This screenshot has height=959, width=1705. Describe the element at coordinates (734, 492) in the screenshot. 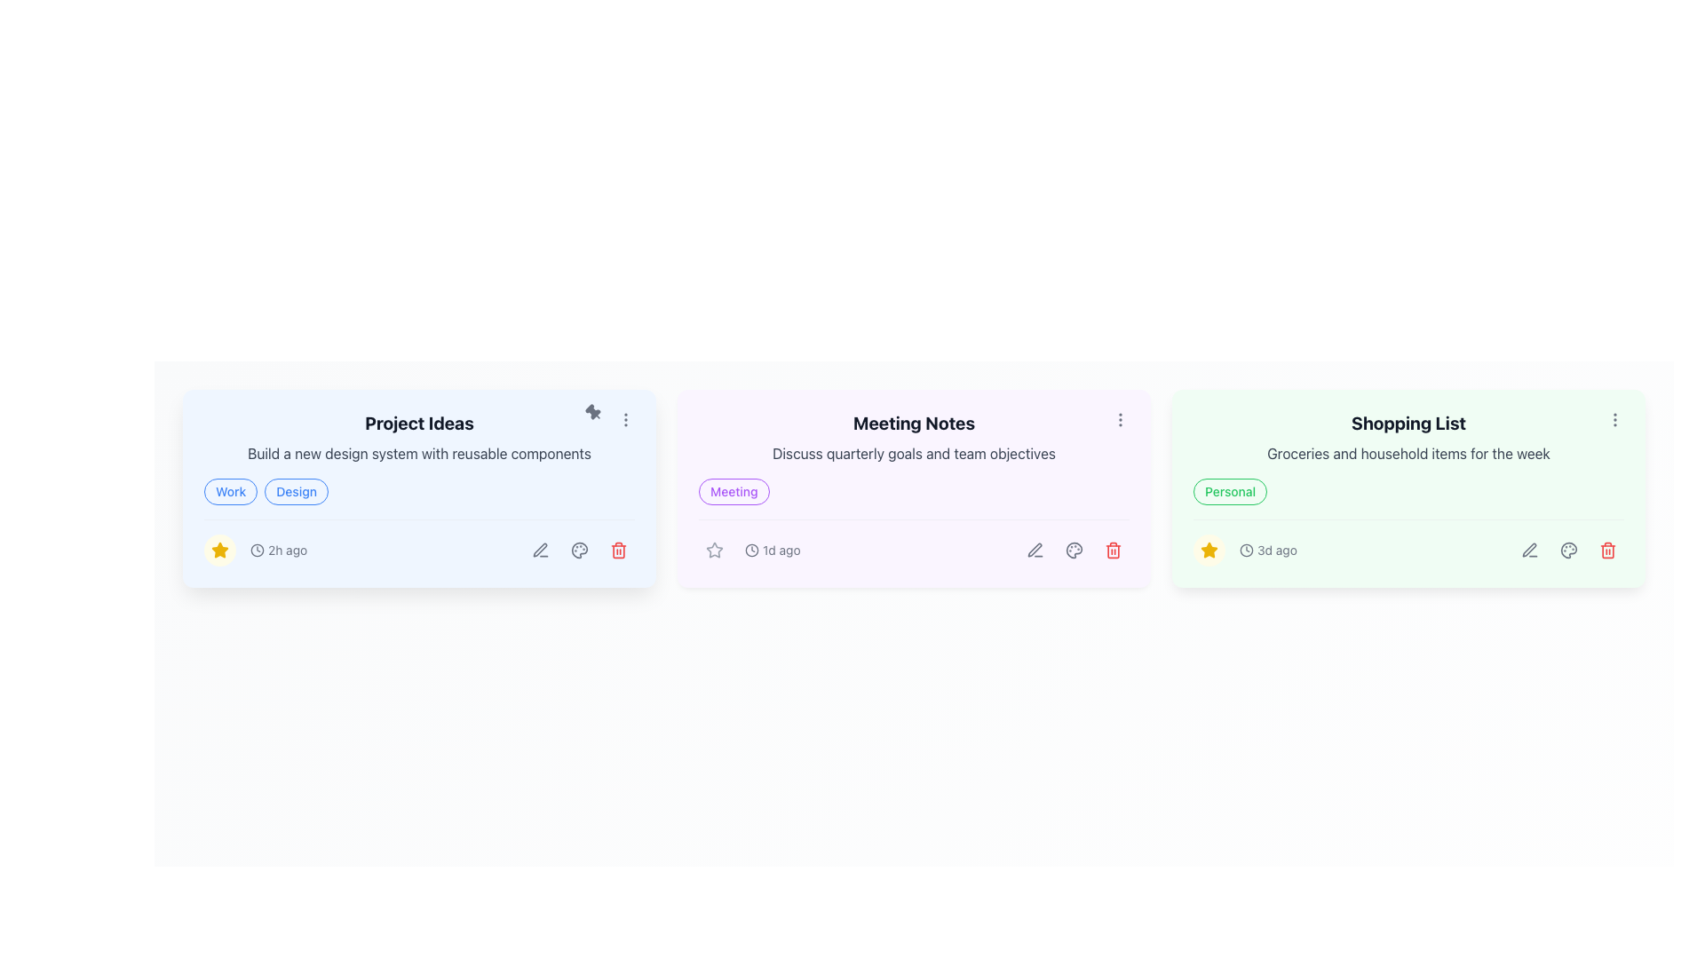

I see `the purple-bordered pill-shaped tag labeled 'Meeting' located in the 'Meeting Notes' card at the top-left section` at that location.